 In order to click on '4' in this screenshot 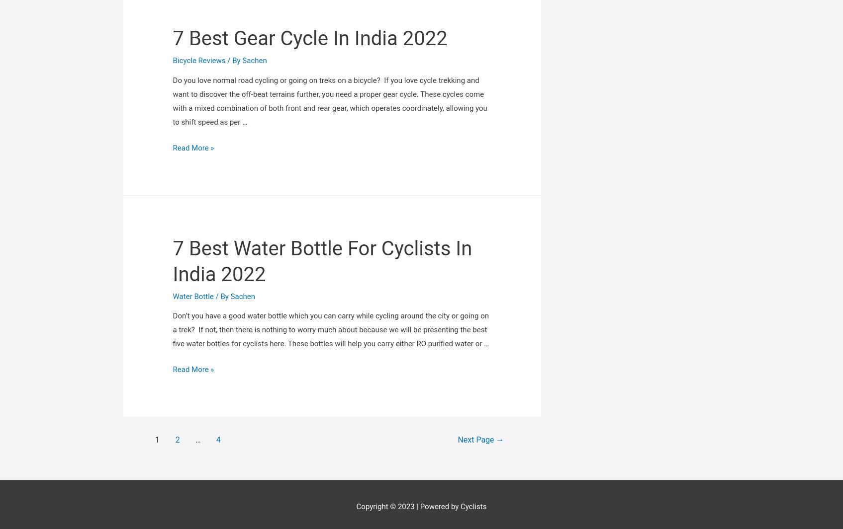, I will do `click(218, 320)`.